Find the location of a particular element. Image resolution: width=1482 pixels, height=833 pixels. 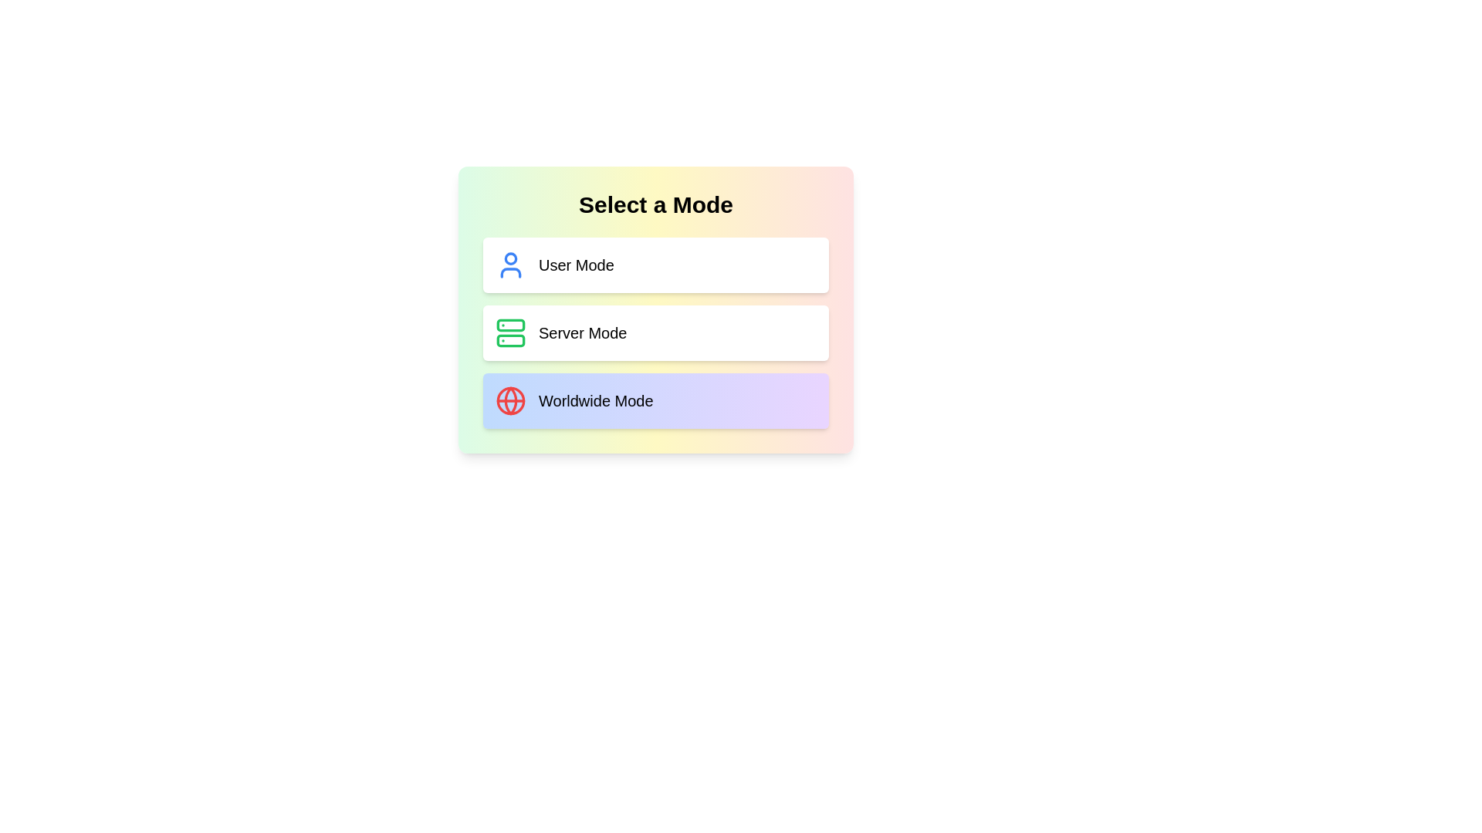

the 'Server Mode' button, which is the second button in the vertical list titled 'Select a Mode', located directly below the 'User Mode' button is located at coordinates (655, 332).